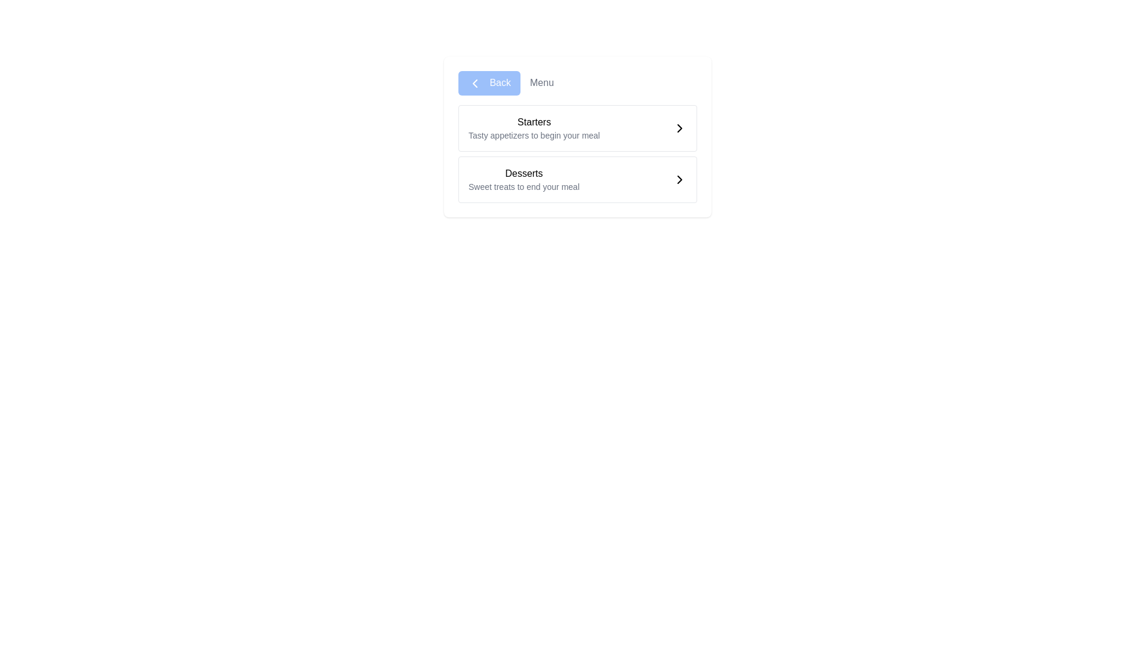  I want to click on the rightward-pointing chevron icon next to the 'Desserts' label in the 'Sweet treats to end your meal' section, so click(679, 179).